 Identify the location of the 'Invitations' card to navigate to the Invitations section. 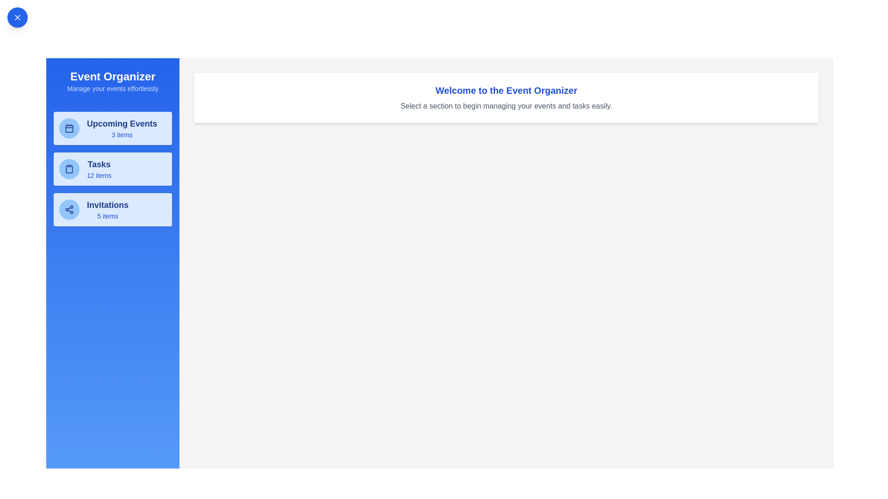
(112, 210).